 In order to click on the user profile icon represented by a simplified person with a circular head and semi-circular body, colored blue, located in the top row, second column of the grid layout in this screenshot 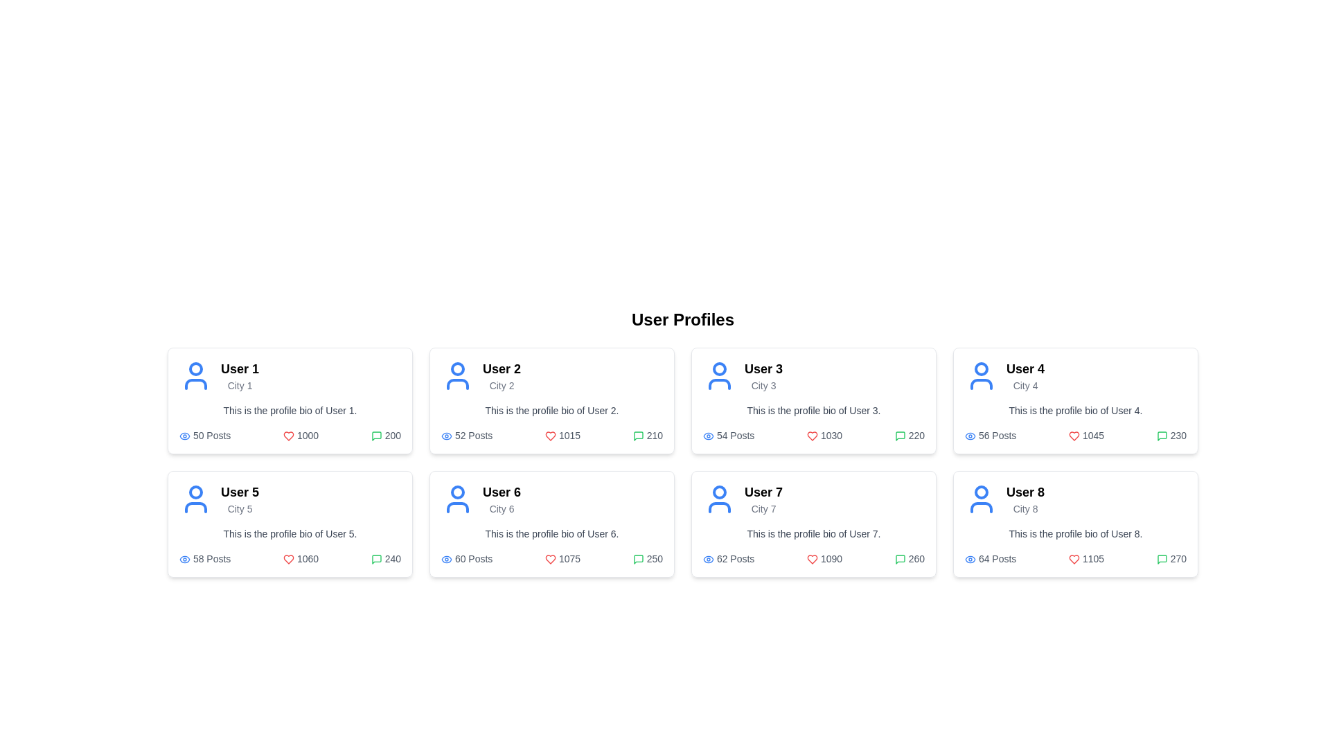, I will do `click(458, 376)`.